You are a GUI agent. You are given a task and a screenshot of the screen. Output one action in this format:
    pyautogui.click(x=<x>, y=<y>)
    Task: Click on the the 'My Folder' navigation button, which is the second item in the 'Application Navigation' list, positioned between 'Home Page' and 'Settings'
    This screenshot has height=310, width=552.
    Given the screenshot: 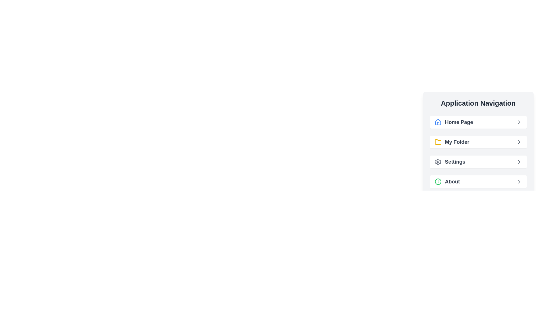 What is the action you would take?
    pyautogui.click(x=478, y=137)
    